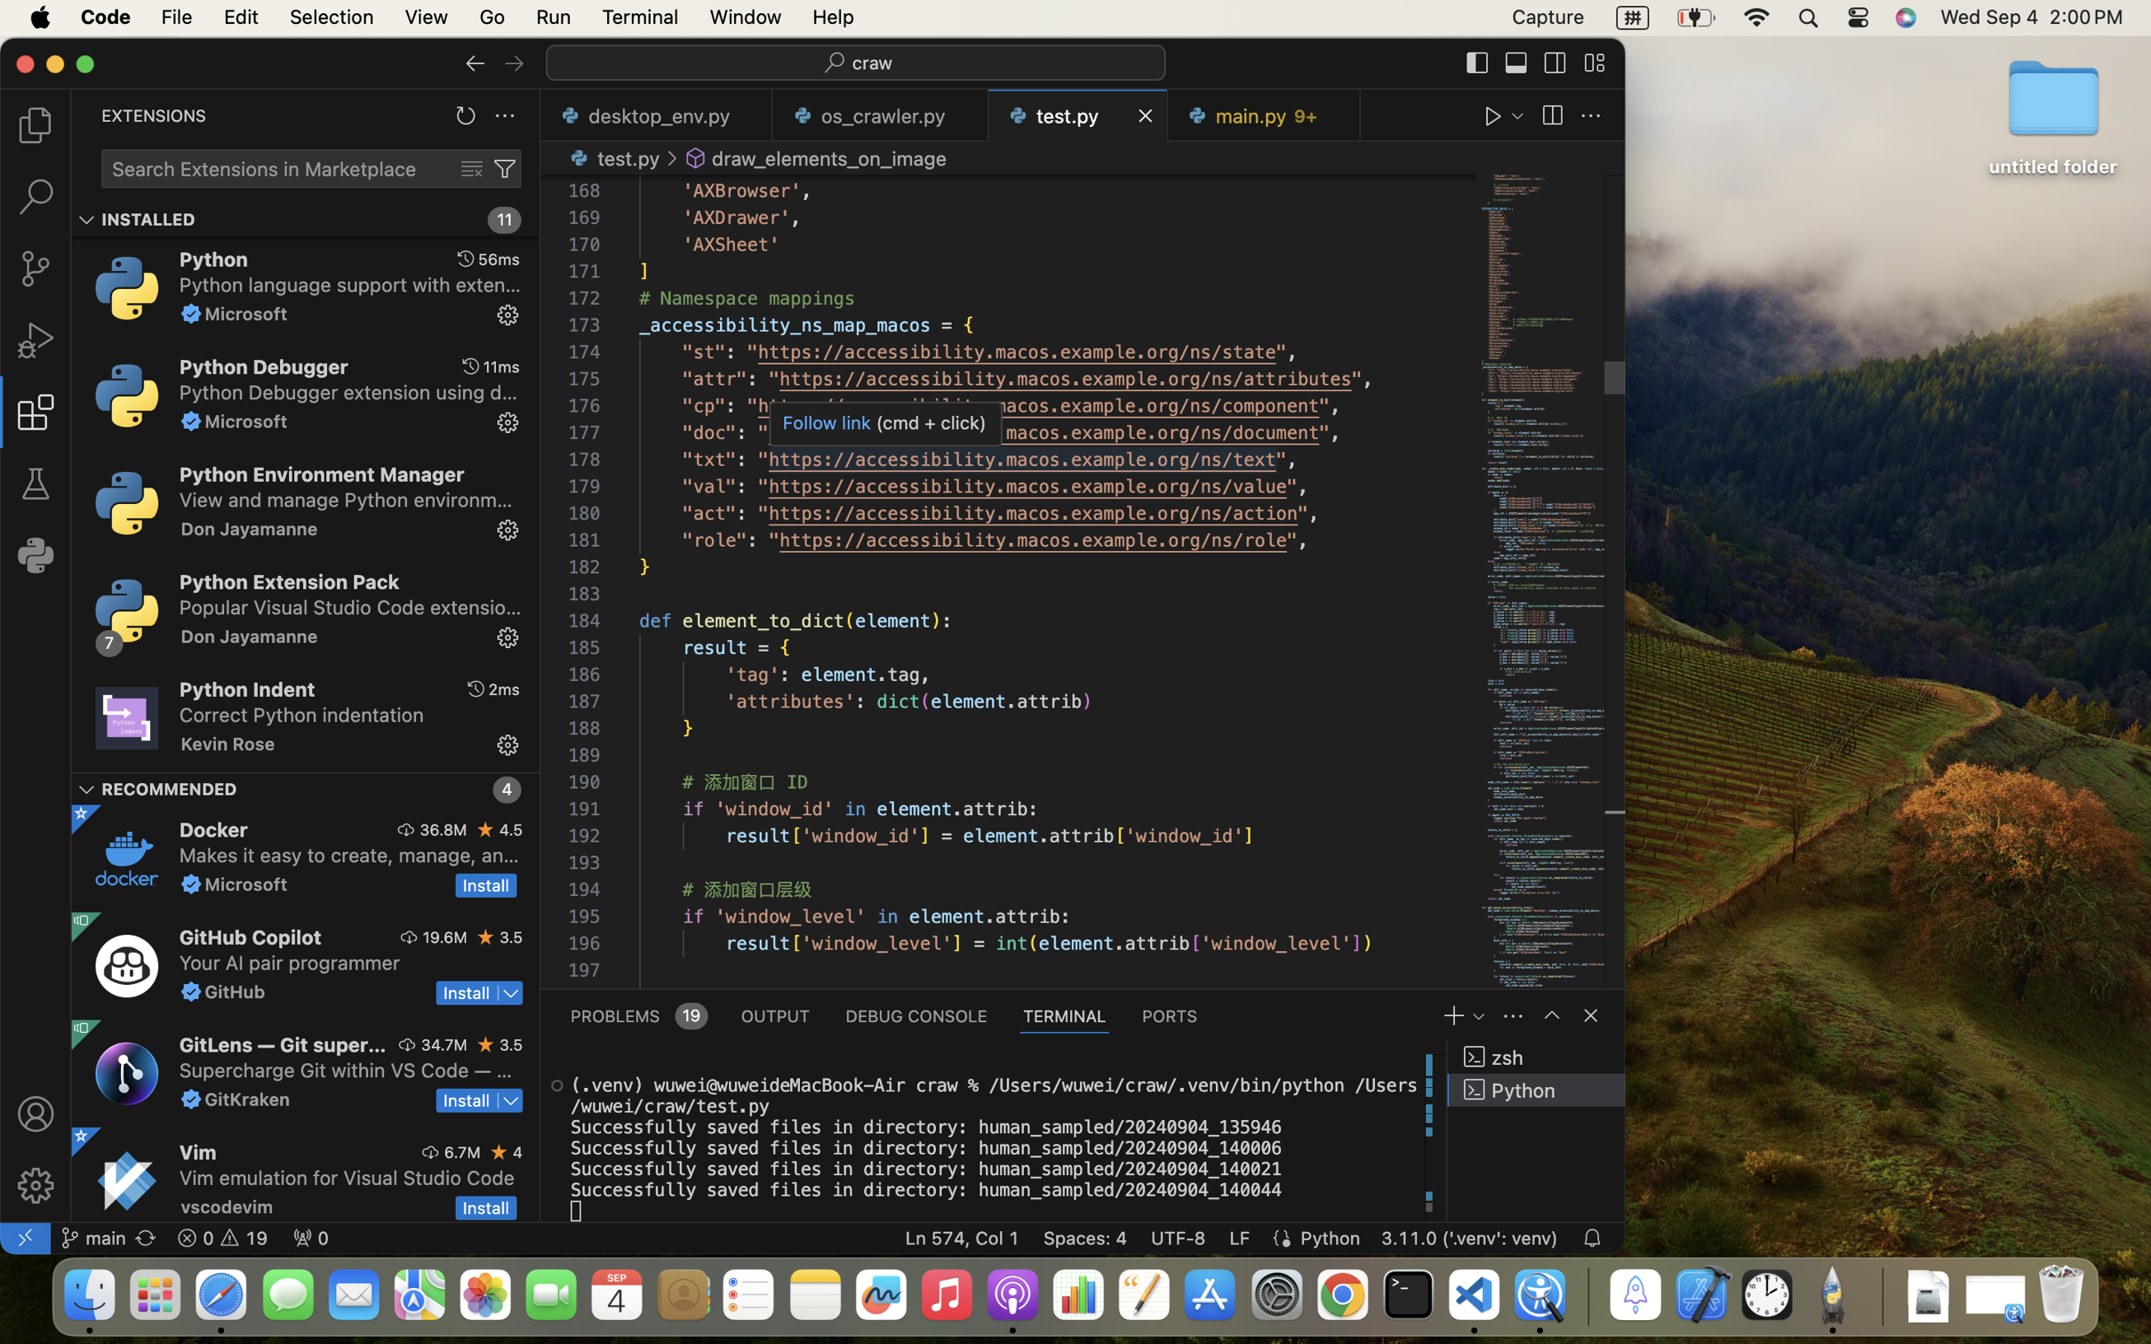  What do you see at coordinates (1591, 1015) in the screenshot?
I see `''` at bounding box center [1591, 1015].